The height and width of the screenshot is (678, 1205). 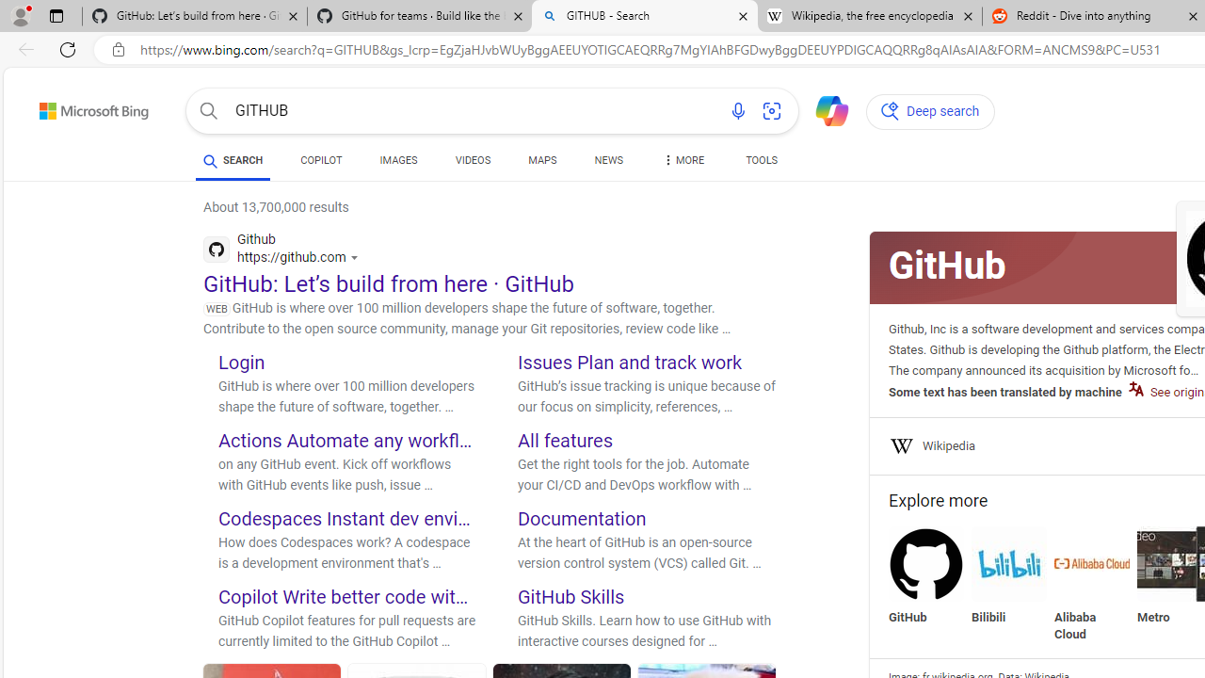 What do you see at coordinates (926, 575) in the screenshot?
I see `'Explore more GitHub'` at bounding box center [926, 575].